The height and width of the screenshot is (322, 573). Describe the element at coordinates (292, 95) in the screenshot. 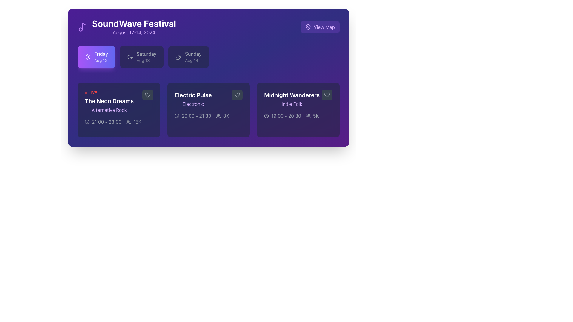

I see `text content of the Text Label or Header displaying 'Midnight Wanderers', which serves as an identifier for the section` at that location.